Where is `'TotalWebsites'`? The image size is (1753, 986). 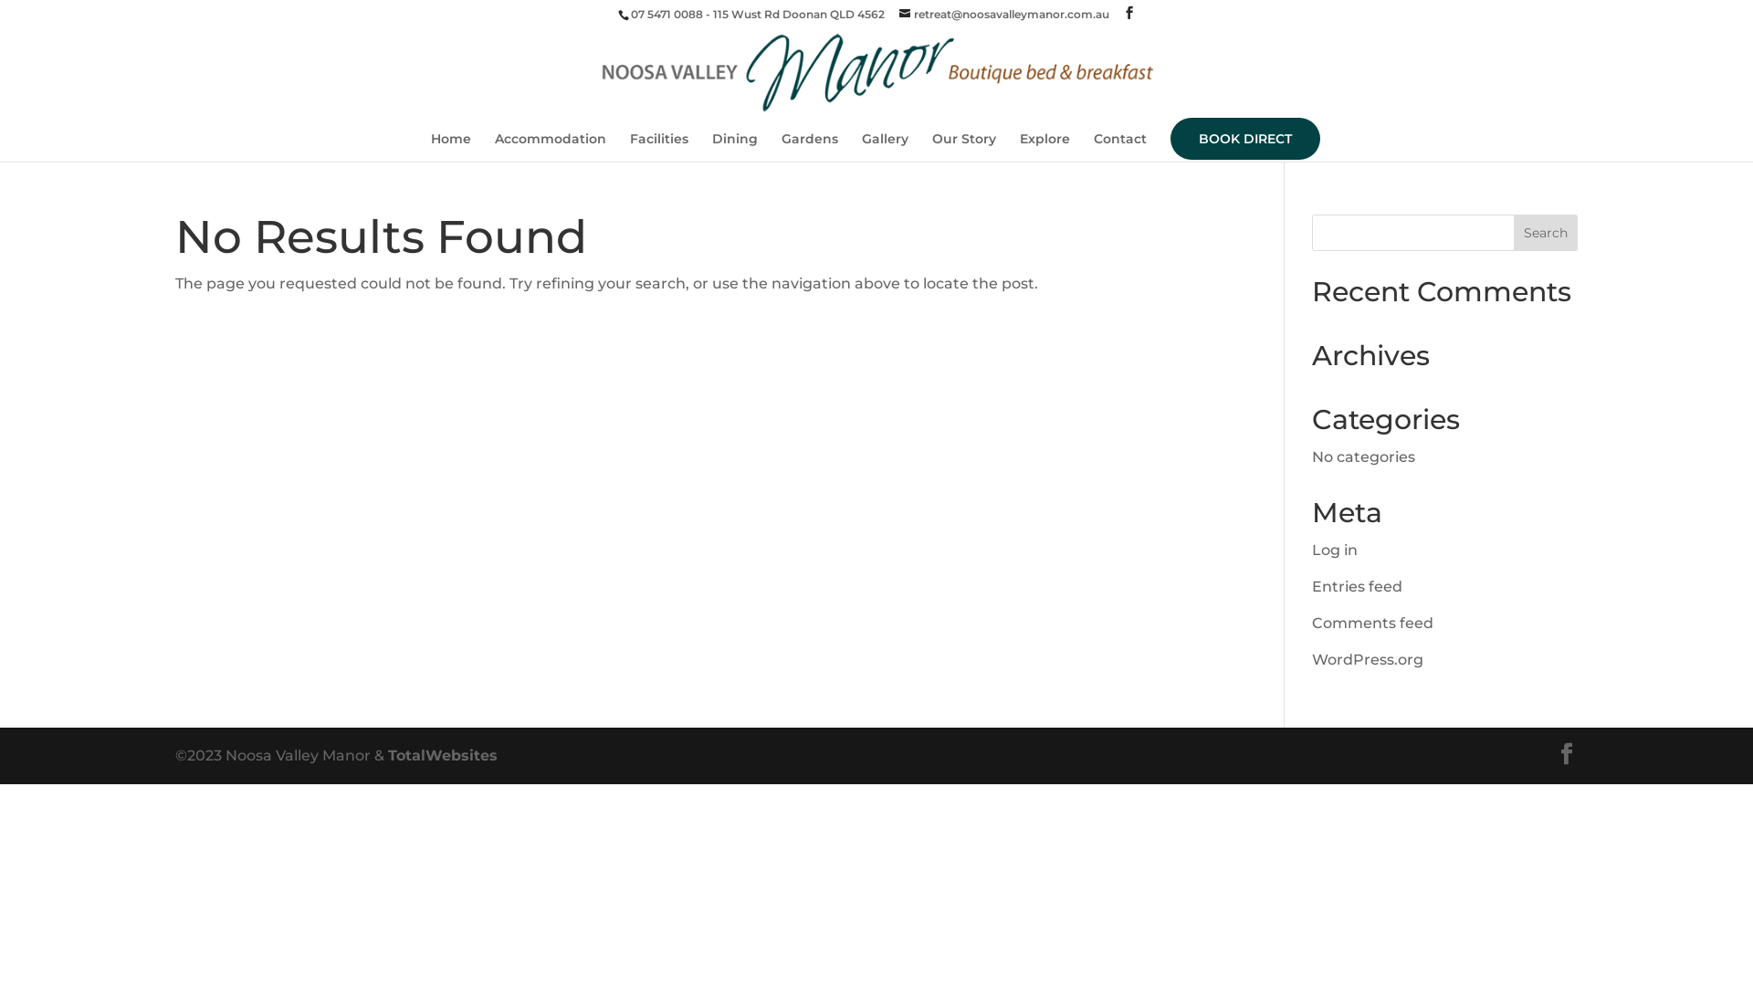 'TotalWebsites' is located at coordinates (442, 755).